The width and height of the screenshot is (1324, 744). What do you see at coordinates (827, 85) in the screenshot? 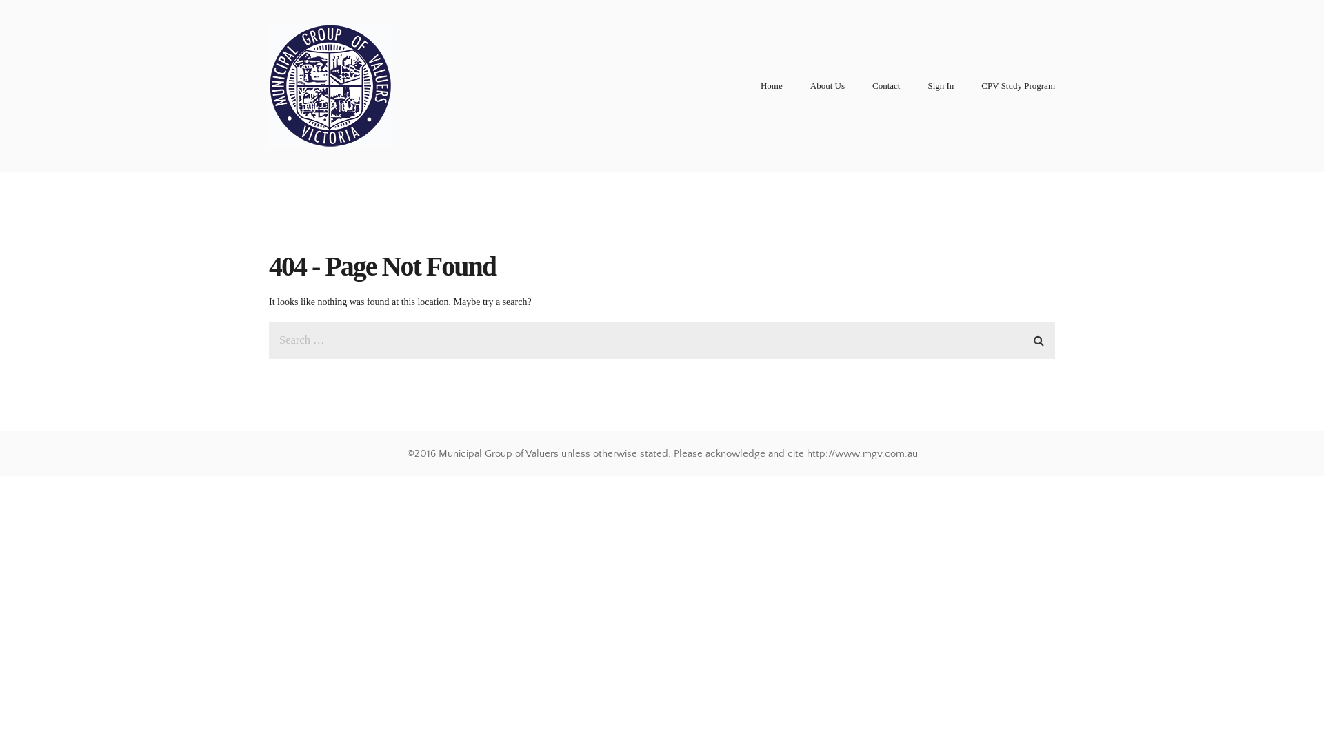
I see `'About Us'` at bounding box center [827, 85].